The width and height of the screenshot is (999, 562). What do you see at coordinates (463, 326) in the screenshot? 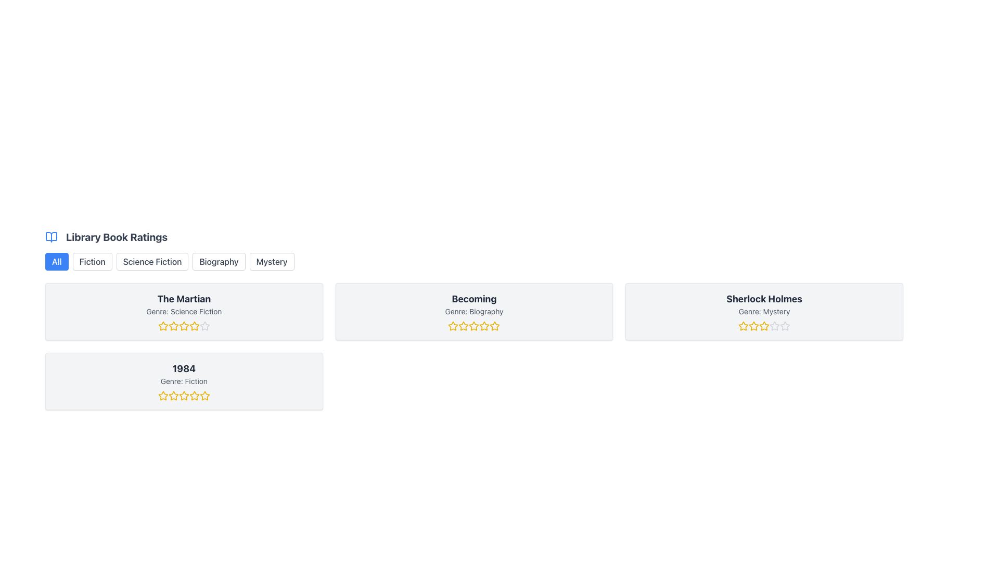
I see `the third interactive star icon in the rating row for the book 'Becoming'` at bounding box center [463, 326].